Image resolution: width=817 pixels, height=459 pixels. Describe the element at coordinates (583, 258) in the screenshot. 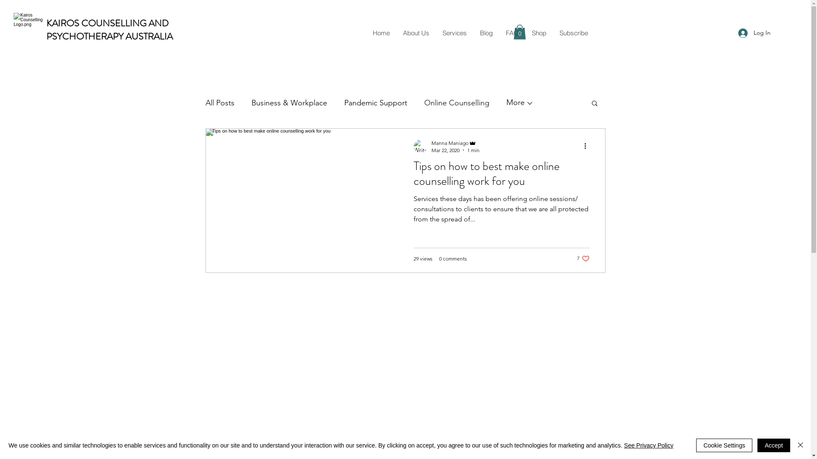

I see `'7 likes. Post not marked as liked` at that location.